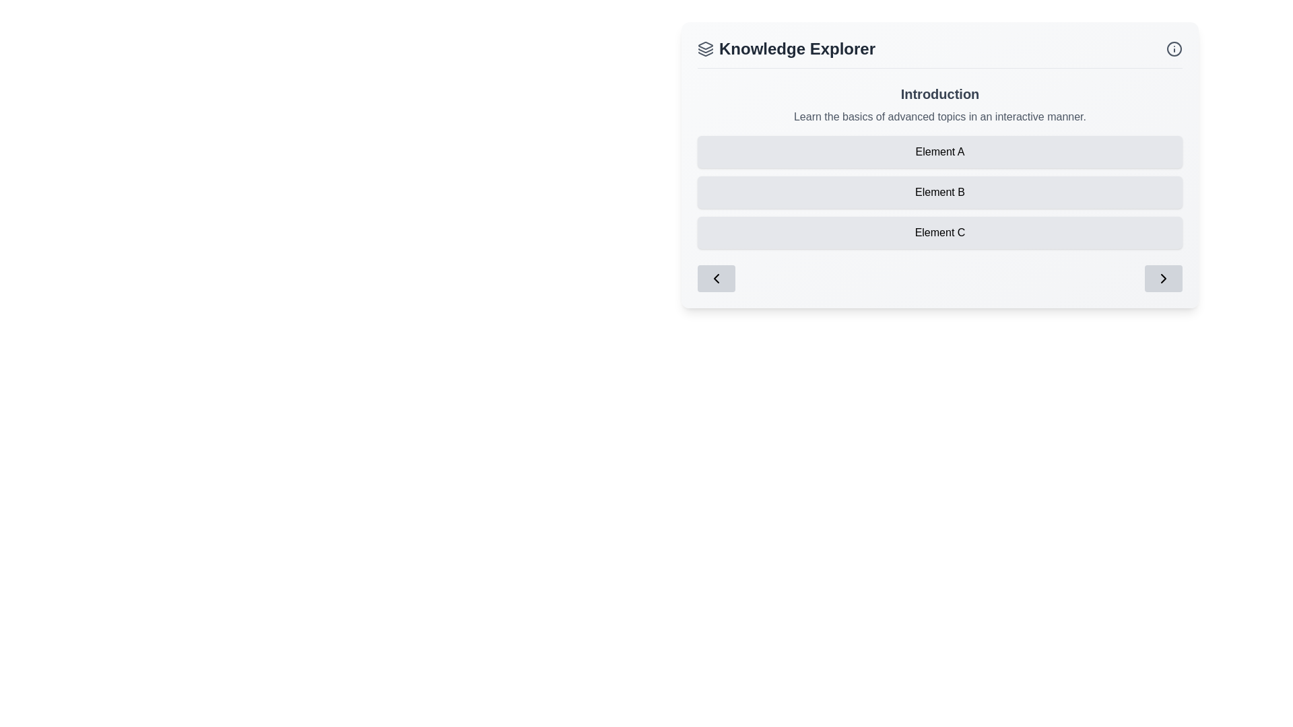 Image resolution: width=1293 pixels, height=727 pixels. I want to click on TextLabel located in the upper-left corner of the content card, which serves as a title or heading for the content area, so click(786, 48).